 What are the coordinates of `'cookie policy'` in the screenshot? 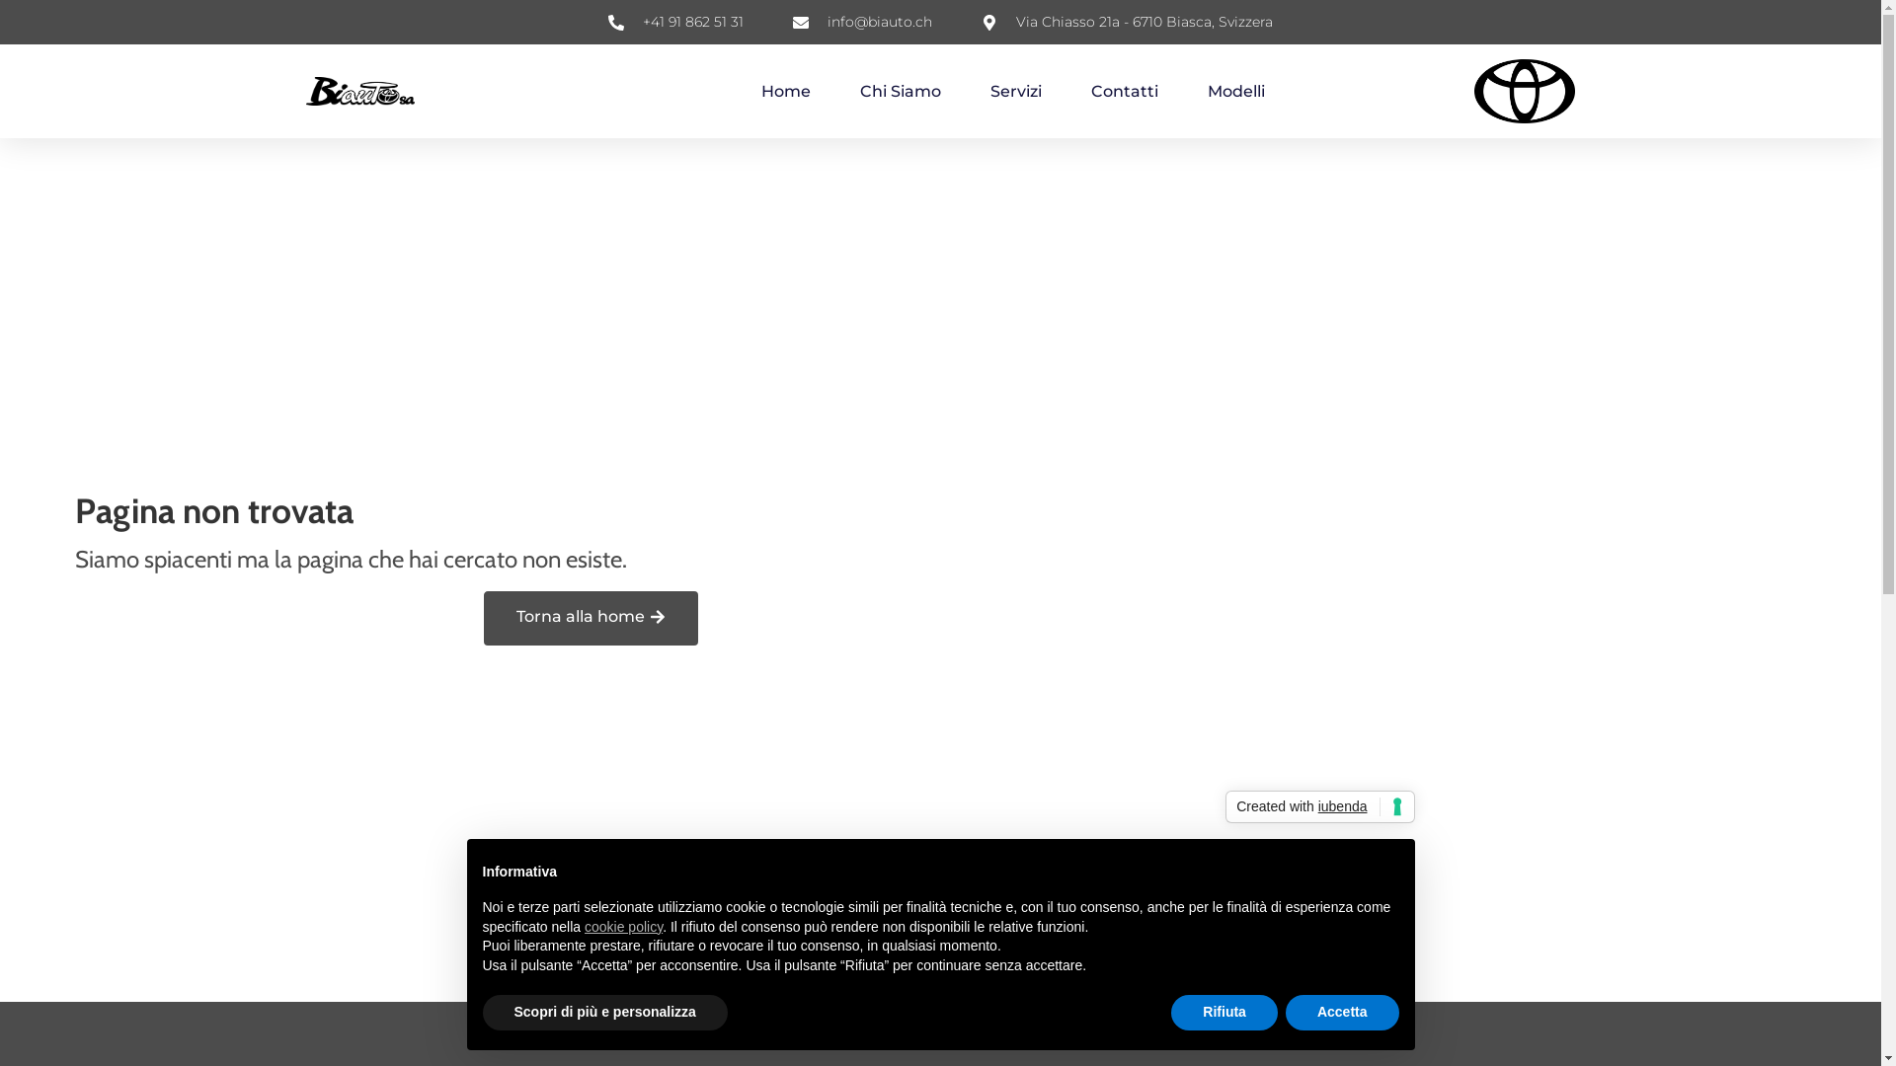 It's located at (622, 926).